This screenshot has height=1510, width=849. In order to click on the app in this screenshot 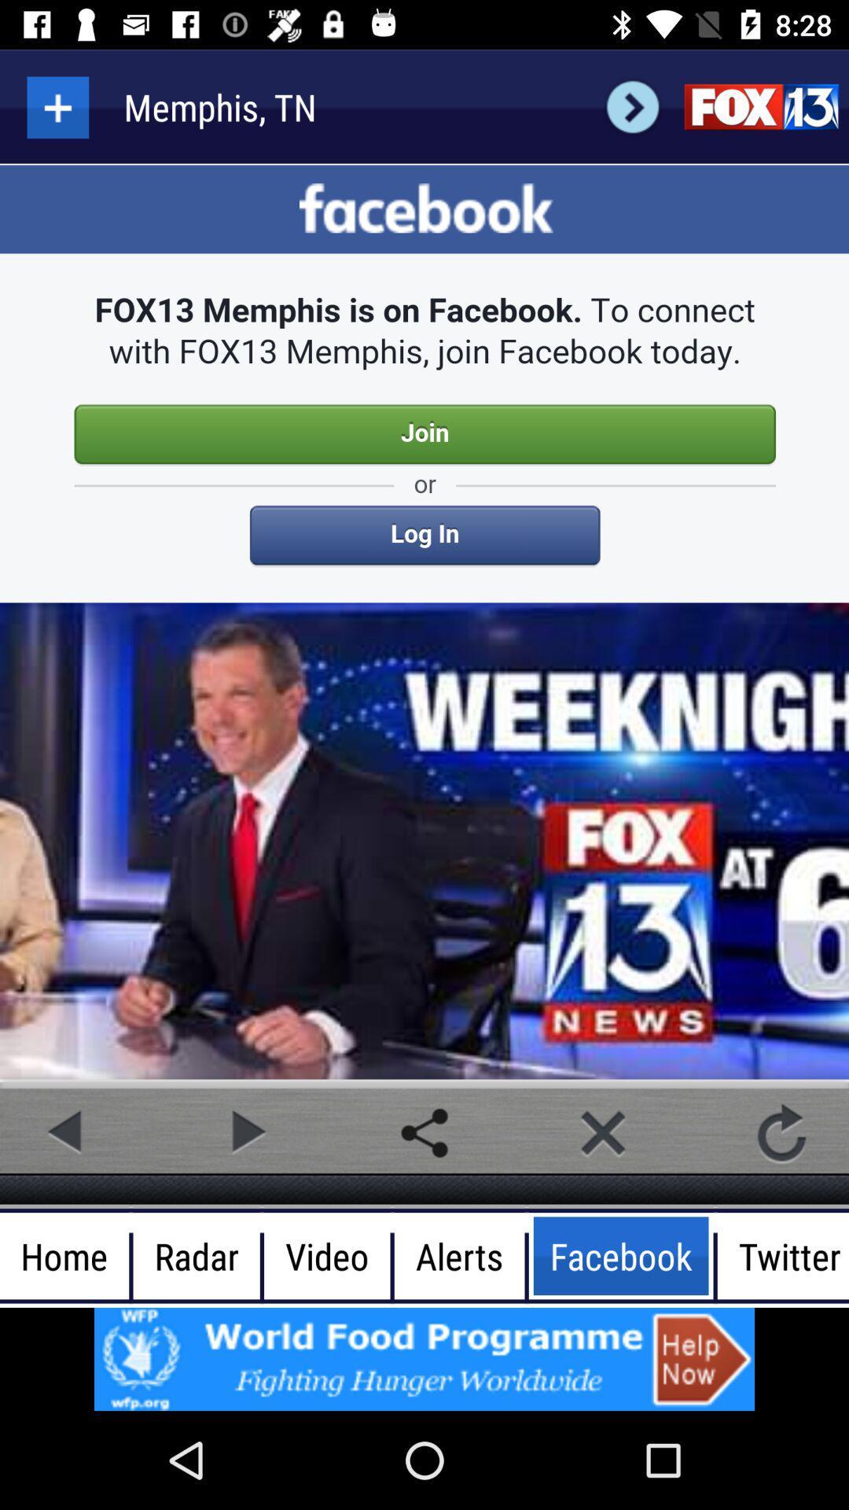, I will do `click(602, 1132)`.